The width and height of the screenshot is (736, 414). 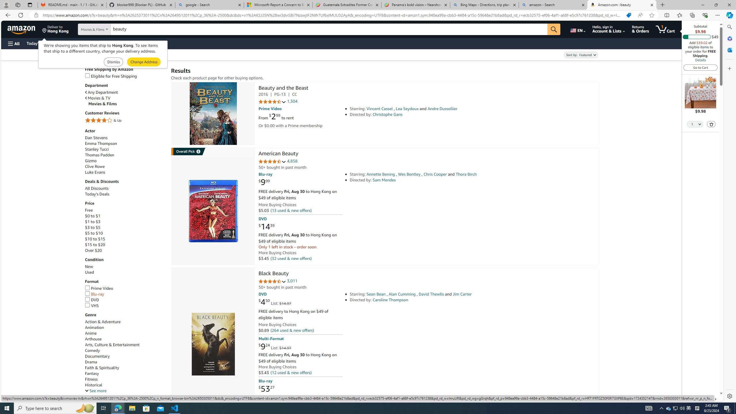 I want to click on 'Deliver to Hong Kong', so click(x=55, y=29).